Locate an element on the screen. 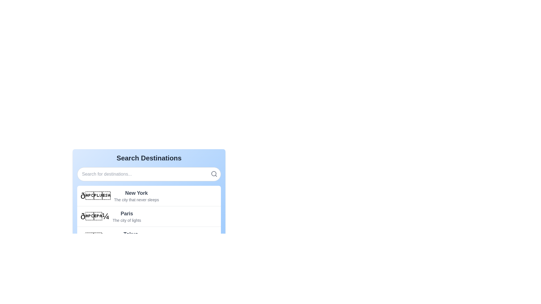  the clickable list item representing the city 'Tokyo' is located at coordinates (149, 236).